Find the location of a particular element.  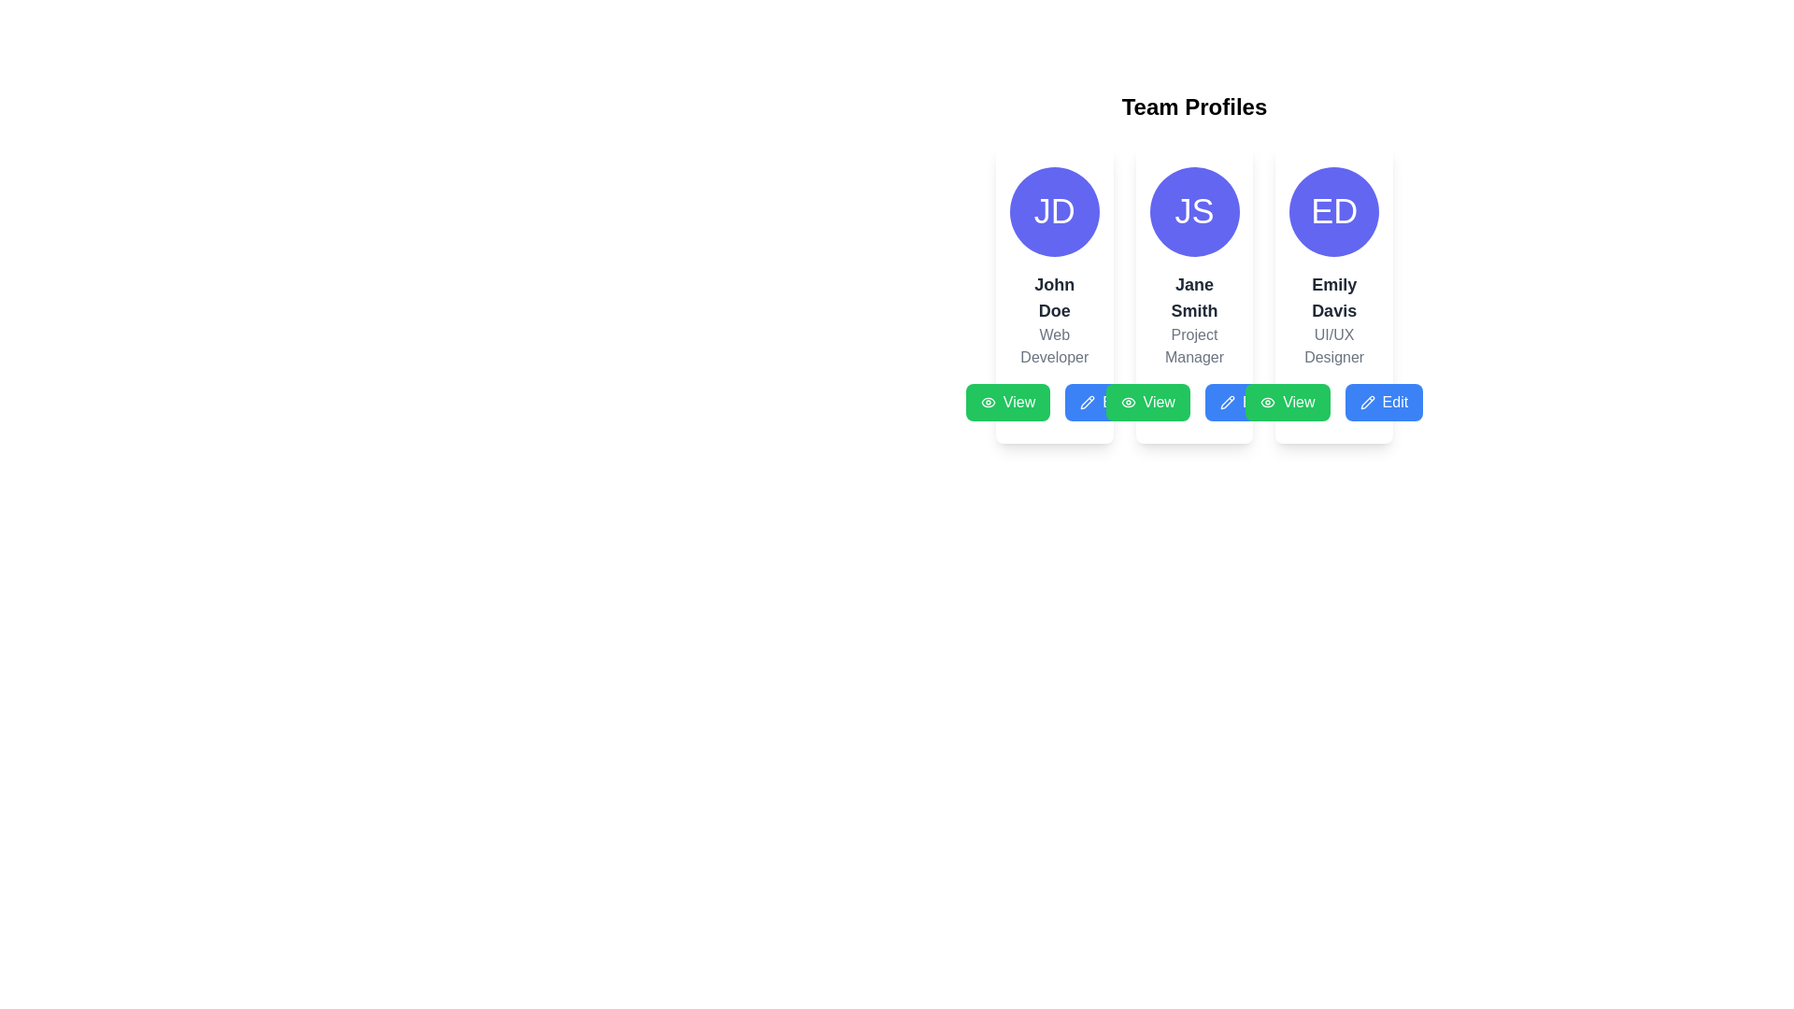

the Edit icon located on the profile card of Emily Davis, positioned in the upper right section next to the green View button is located at coordinates (1367, 402).